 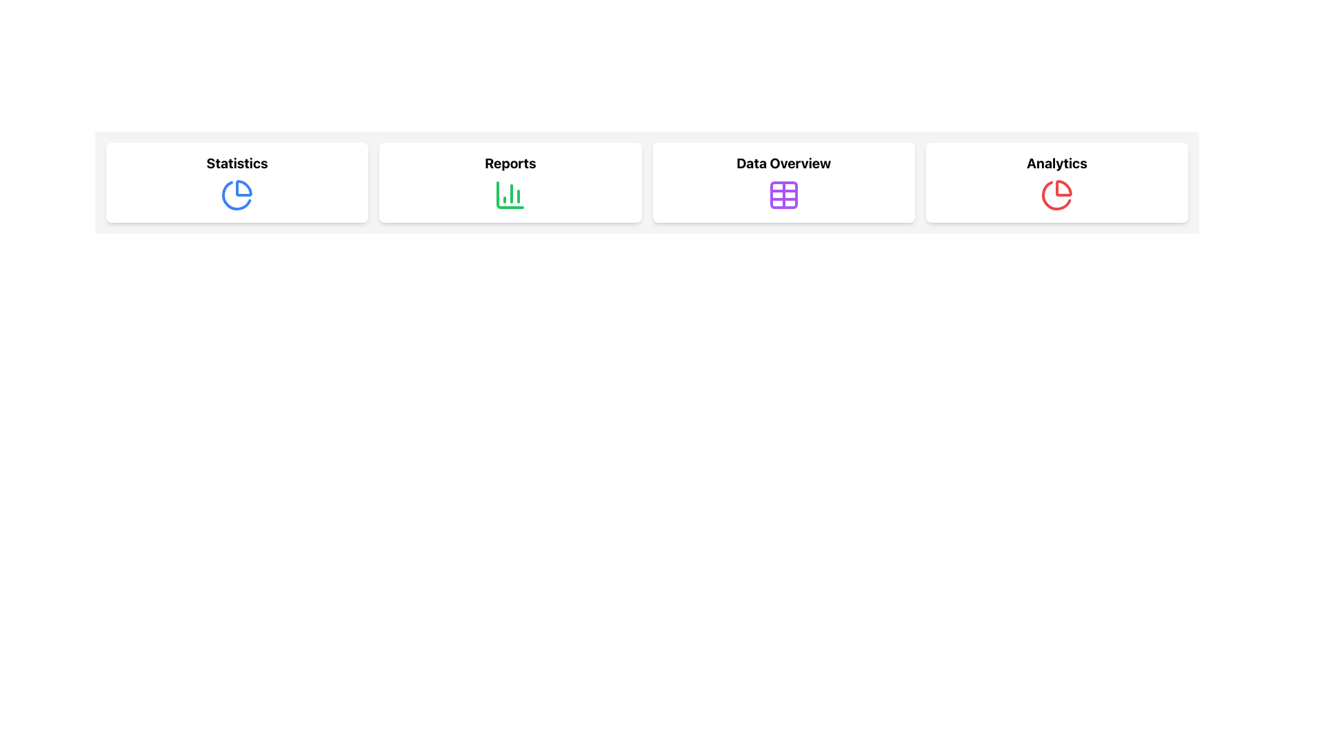 I want to click on the small rectangle with rounded corners, purple outline, located centrally within the table icon next to the 'Data Overview' label, so click(x=783, y=195).